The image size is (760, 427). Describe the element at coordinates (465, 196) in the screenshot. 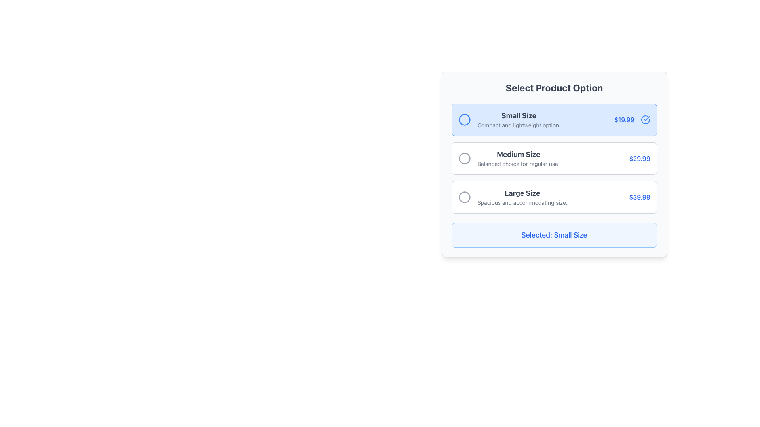

I see `the radio button indicator for the 'Large Size' option` at that location.